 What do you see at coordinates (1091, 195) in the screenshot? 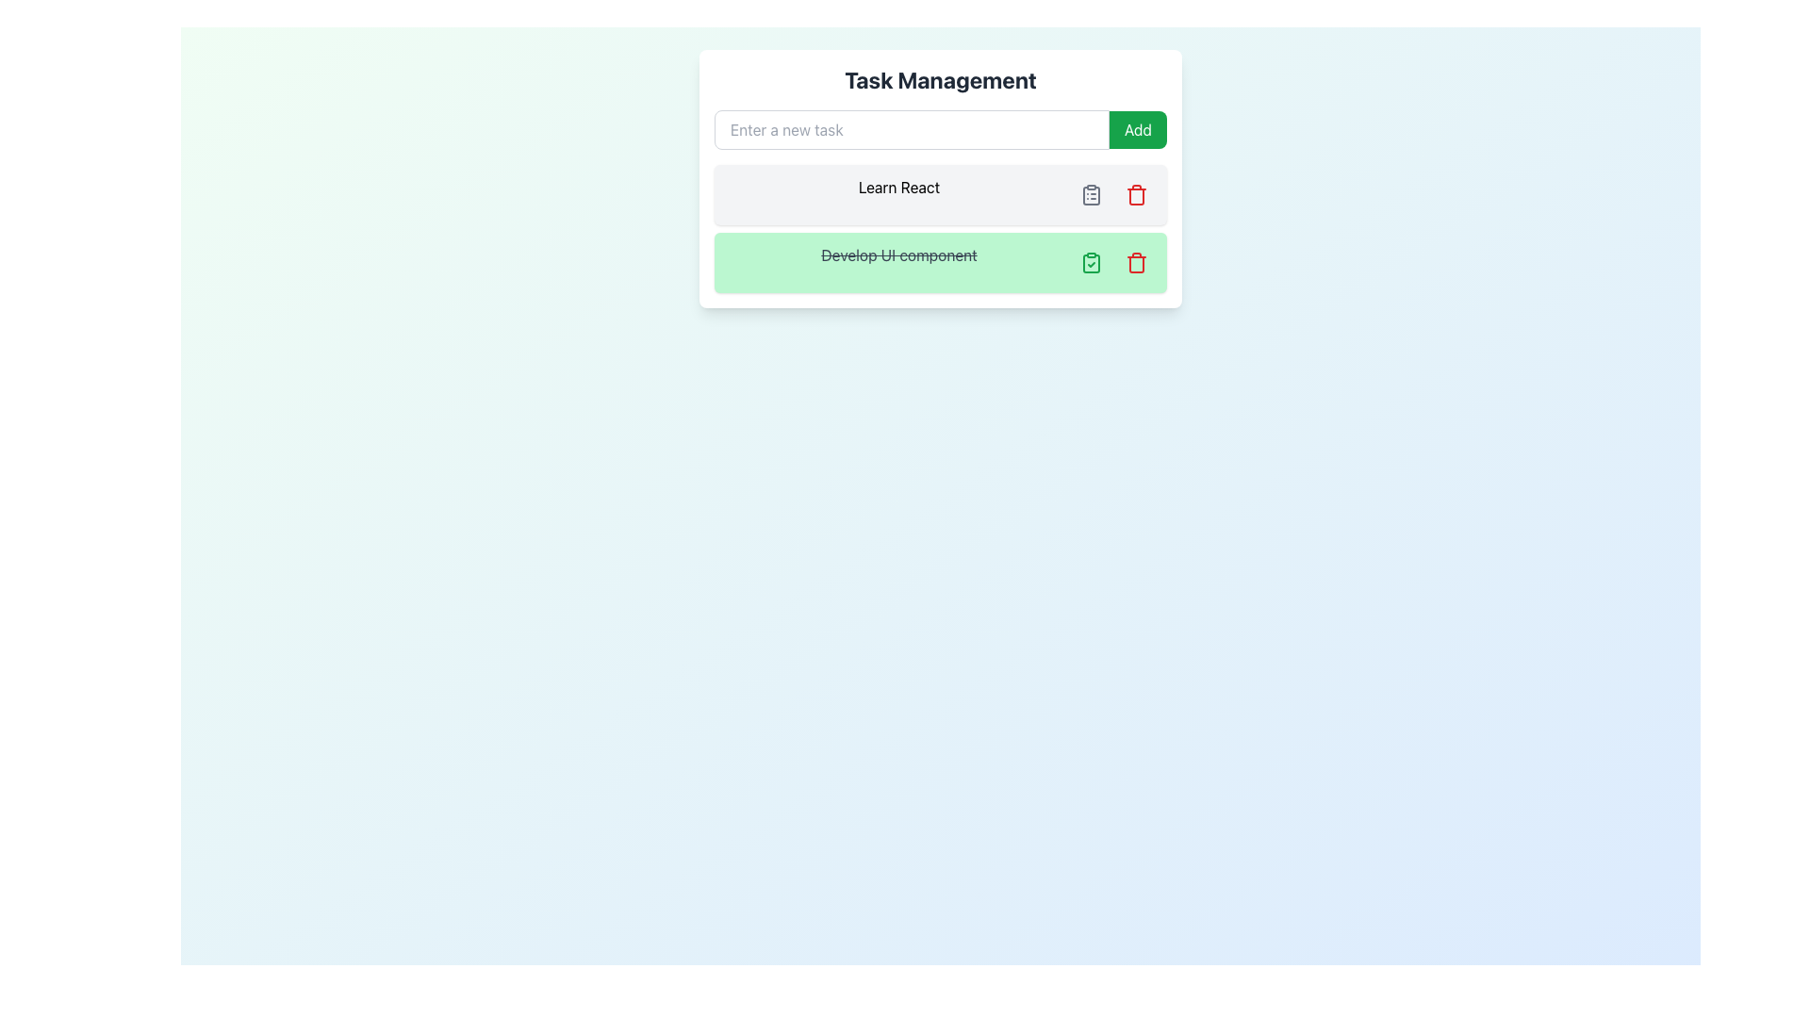
I see `the circular button to the right of the task labeled 'Learn React'` at bounding box center [1091, 195].